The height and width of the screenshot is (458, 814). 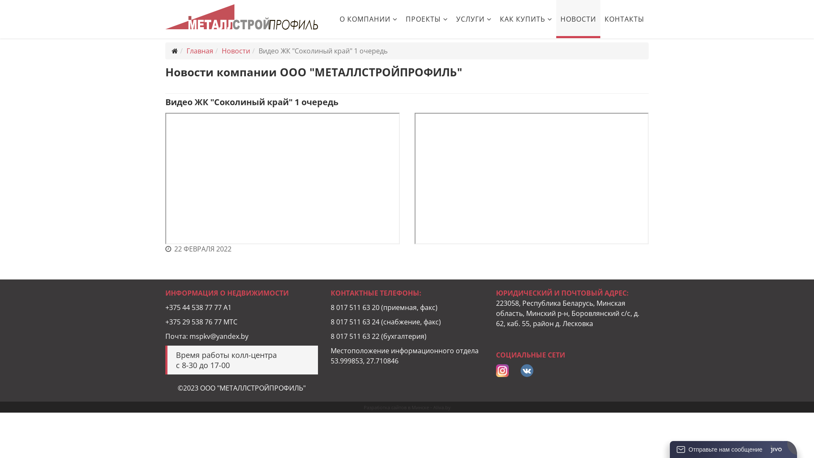 I want to click on 'mspkv@yandex.by', so click(x=219, y=336).